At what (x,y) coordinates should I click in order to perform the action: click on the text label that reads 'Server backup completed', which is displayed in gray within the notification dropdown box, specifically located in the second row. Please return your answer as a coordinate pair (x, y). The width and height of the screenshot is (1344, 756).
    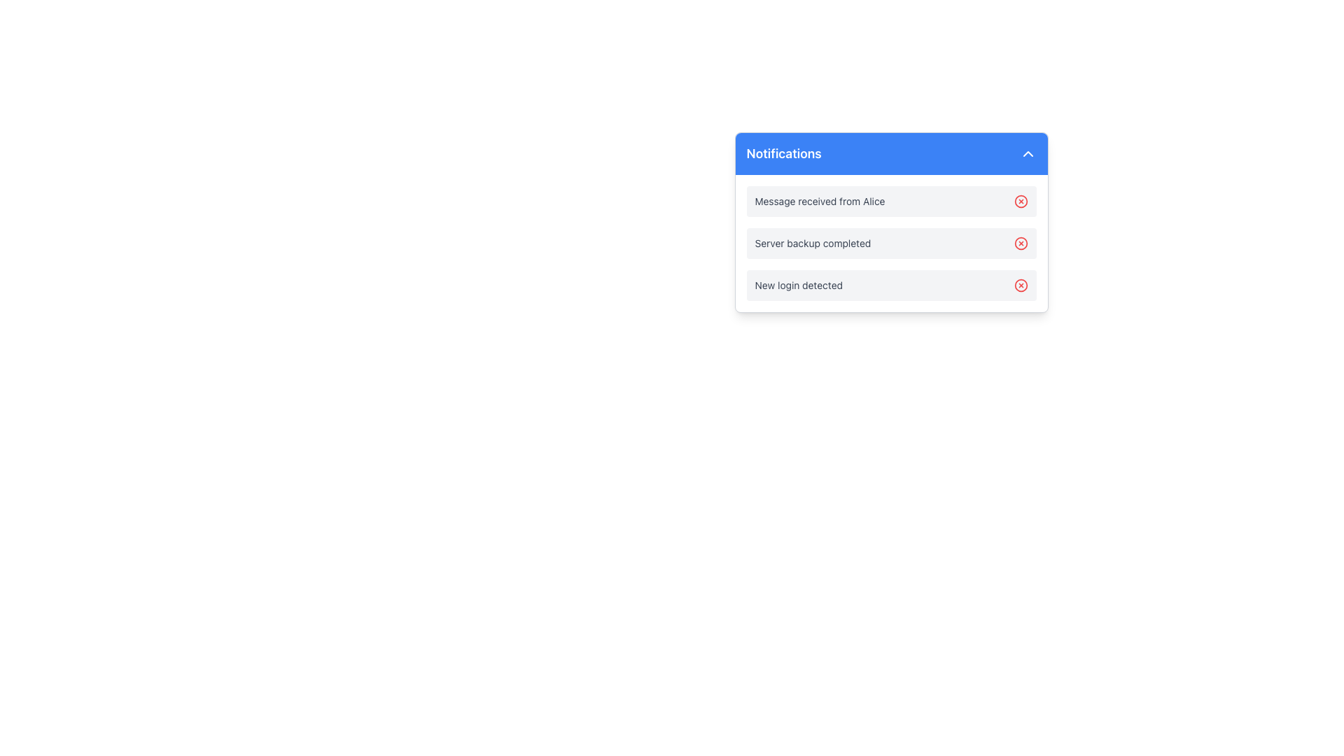
    Looking at the image, I should click on (813, 242).